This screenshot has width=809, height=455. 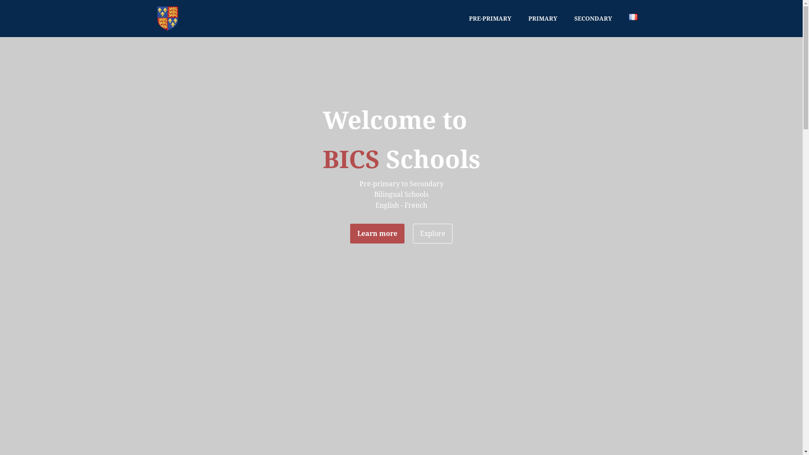 I want to click on 'Explore', so click(x=433, y=234).